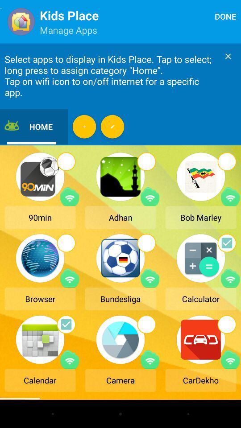  What do you see at coordinates (66, 161) in the screenshot?
I see `check box under 90min` at bounding box center [66, 161].